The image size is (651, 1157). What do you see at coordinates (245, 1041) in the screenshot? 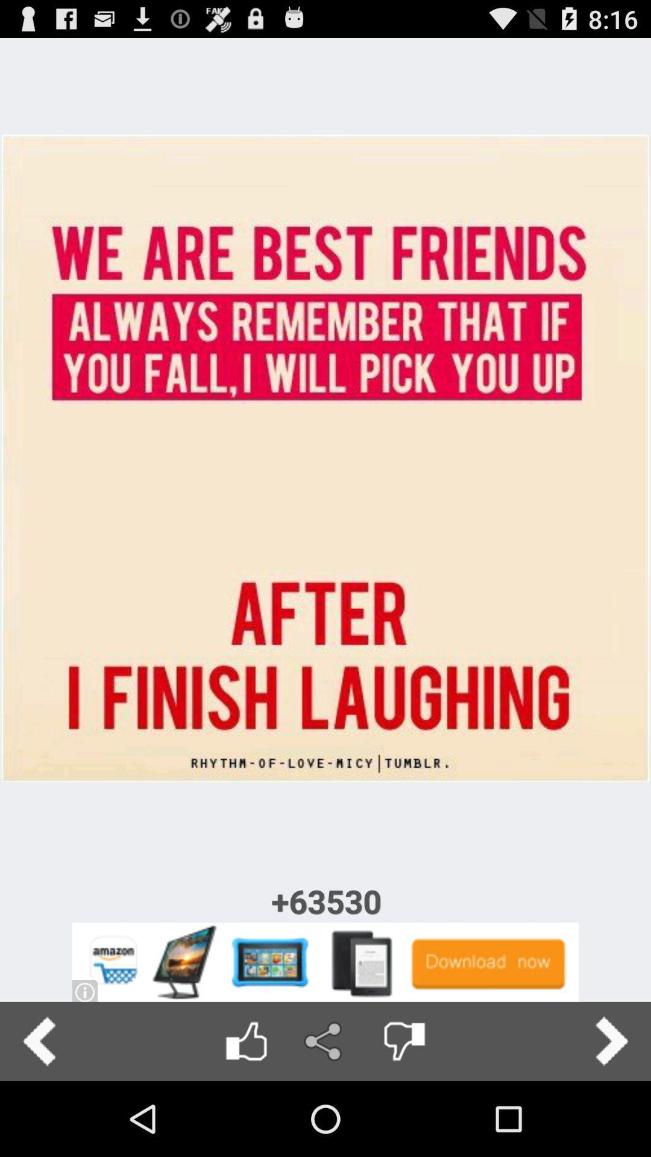
I see `like button` at bounding box center [245, 1041].